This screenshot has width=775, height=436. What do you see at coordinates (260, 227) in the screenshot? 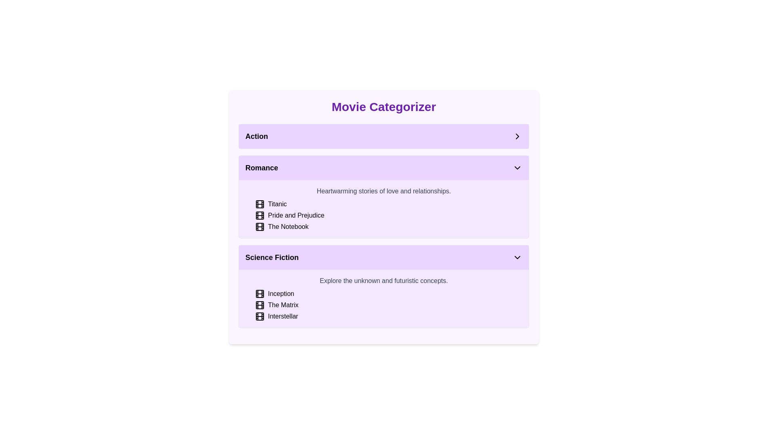
I see `the film icon located in the 'Romance' section preceding the text label of 'The Notebook'` at bounding box center [260, 227].